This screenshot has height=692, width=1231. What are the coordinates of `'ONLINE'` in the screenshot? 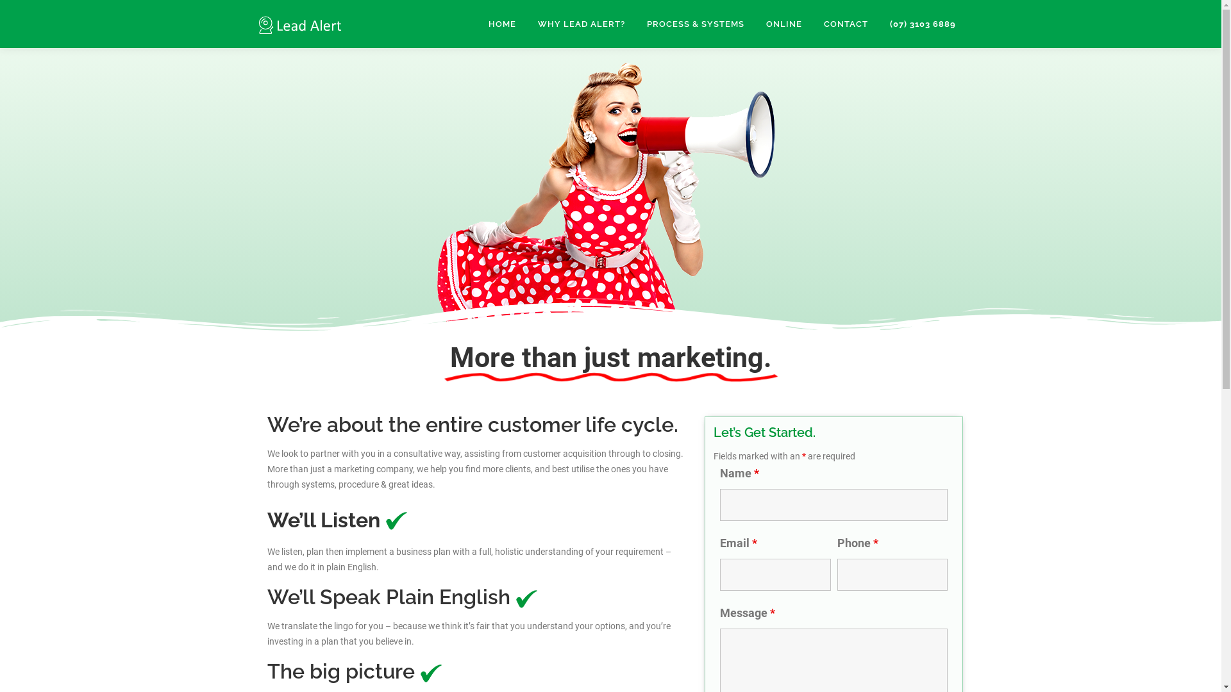 It's located at (755, 24).